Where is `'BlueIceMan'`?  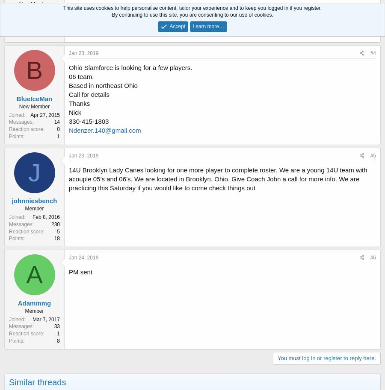 'BlueIceMan' is located at coordinates (34, 98).